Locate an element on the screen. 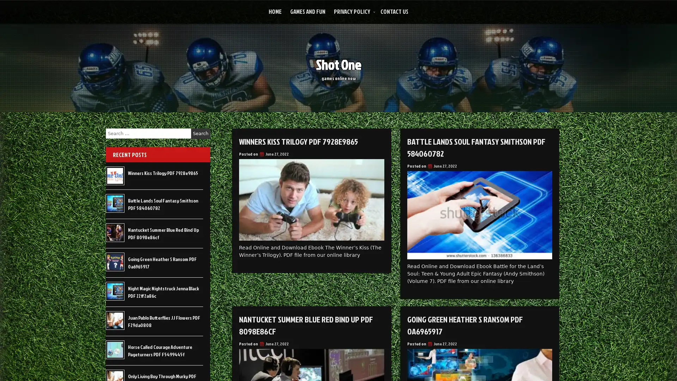 Image resolution: width=677 pixels, height=381 pixels. Search is located at coordinates (200, 133).